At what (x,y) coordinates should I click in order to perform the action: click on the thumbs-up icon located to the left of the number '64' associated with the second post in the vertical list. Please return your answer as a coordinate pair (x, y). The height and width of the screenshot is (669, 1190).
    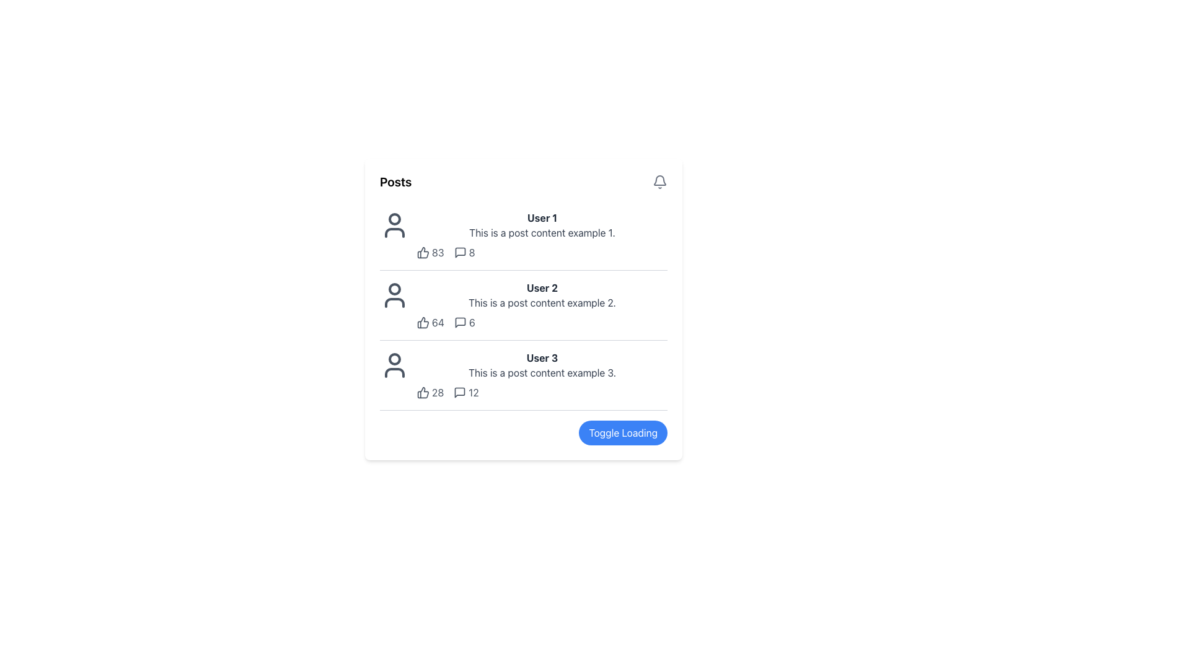
    Looking at the image, I should click on (423, 321).